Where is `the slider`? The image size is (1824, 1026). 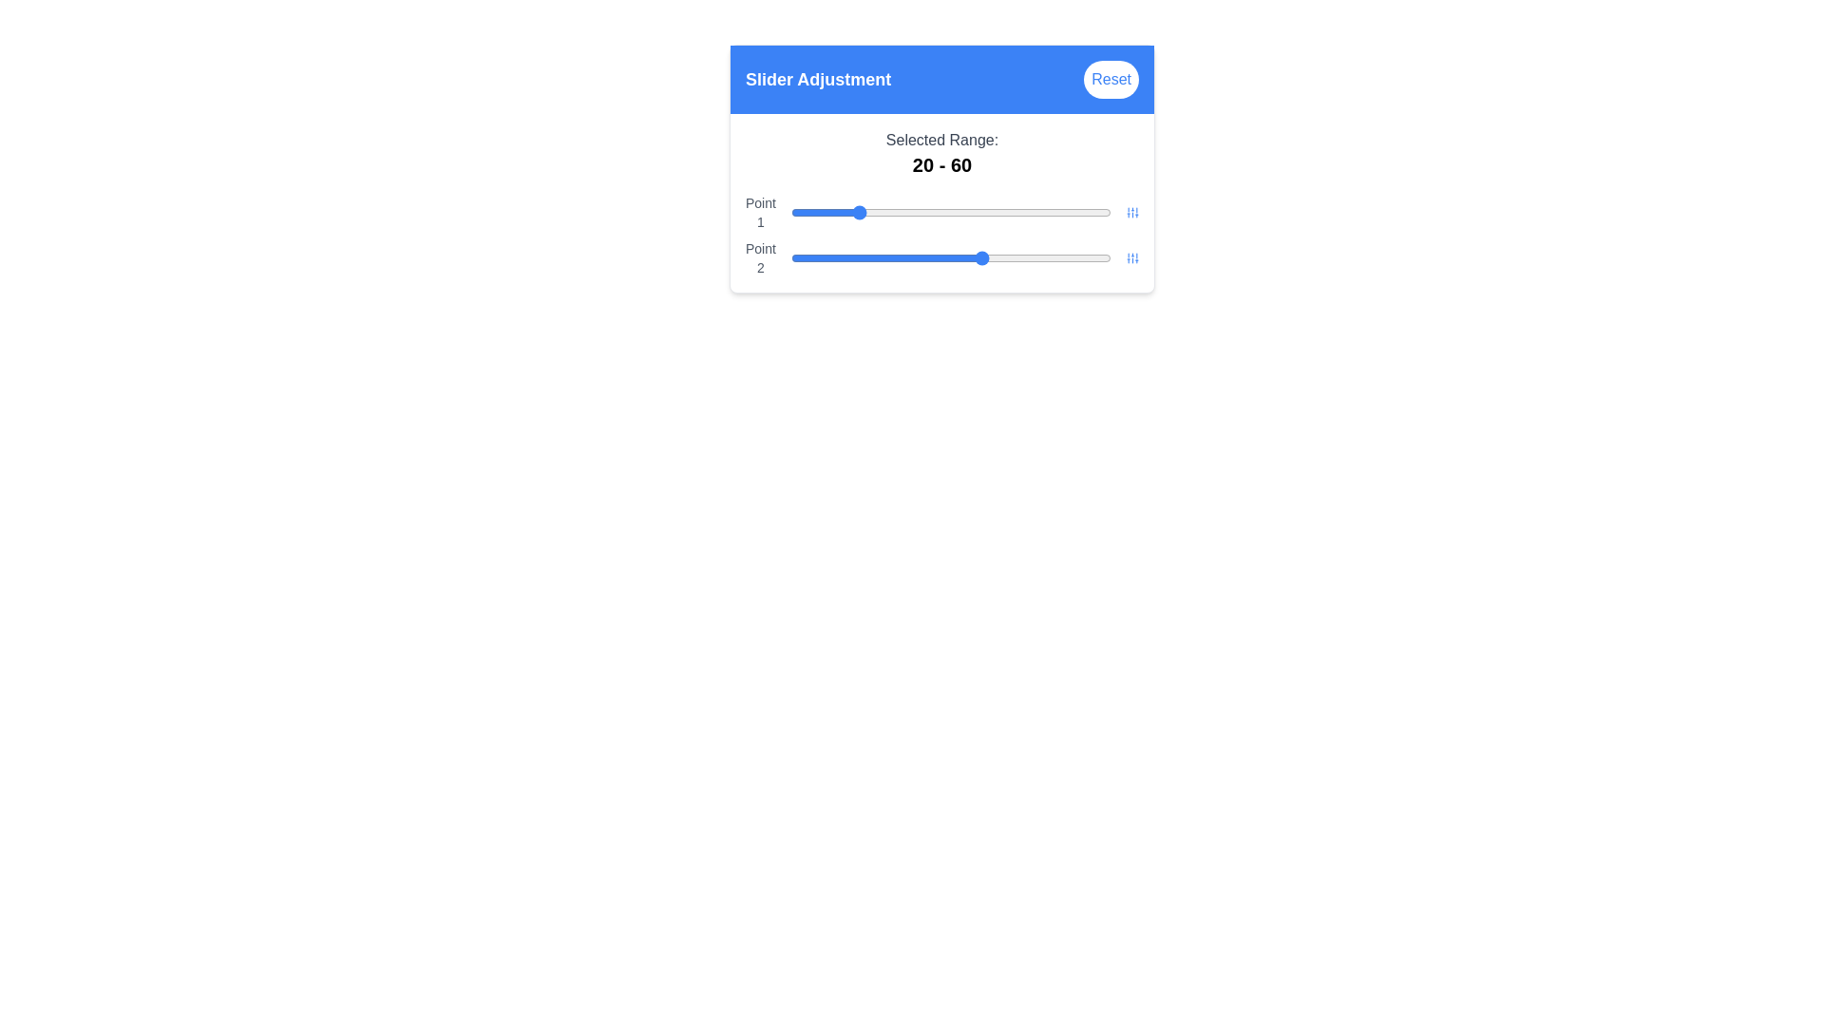
the slider is located at coordinates (974, 258).